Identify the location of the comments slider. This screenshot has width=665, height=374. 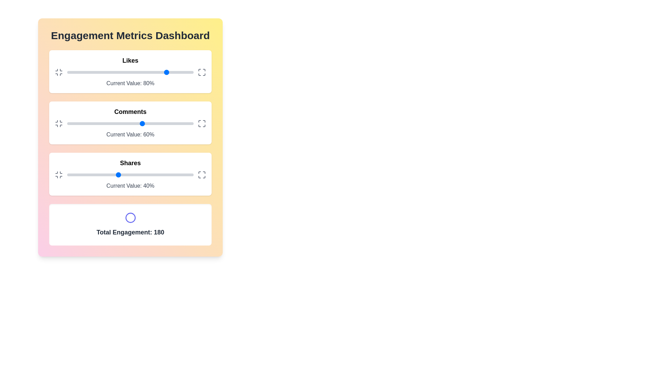
(77, 123).